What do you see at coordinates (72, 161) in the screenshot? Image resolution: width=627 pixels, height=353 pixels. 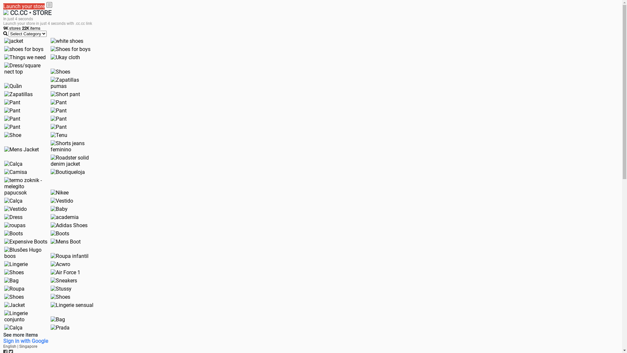 I see `'Roadster solid denim jacket'` at bounding box center [72, 161].